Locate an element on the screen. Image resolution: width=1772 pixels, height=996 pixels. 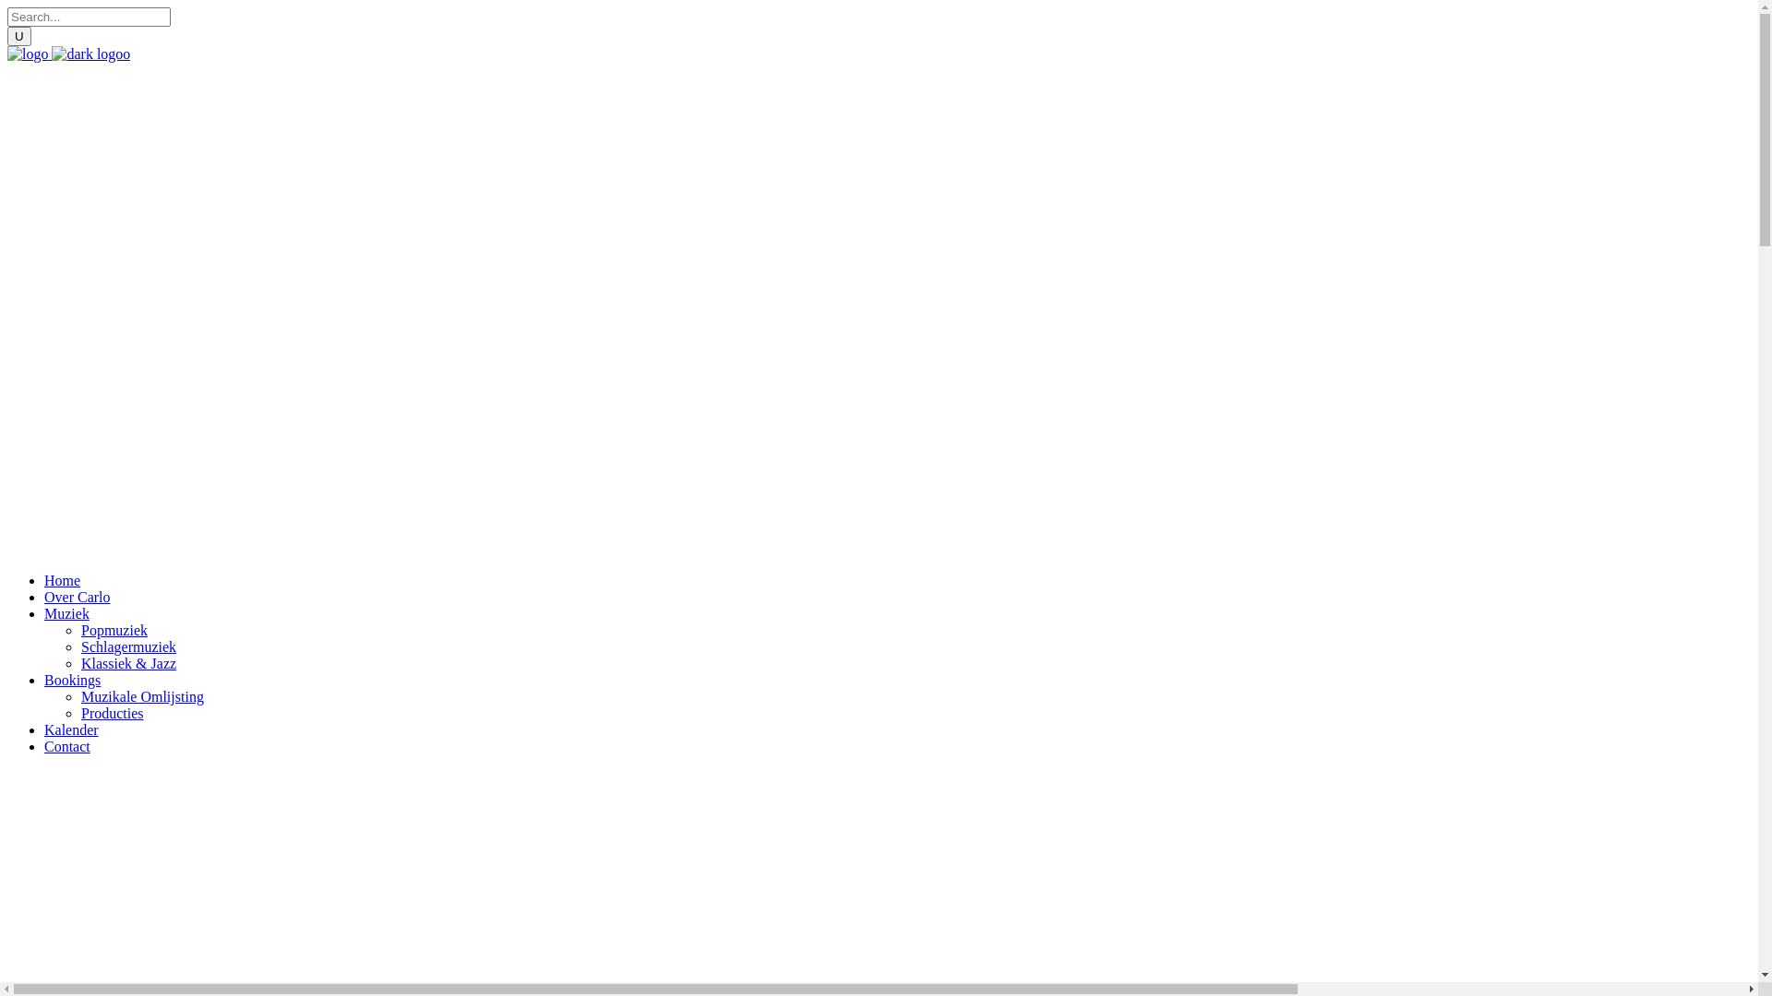
'Contact' is located at coordinates (66, 745).